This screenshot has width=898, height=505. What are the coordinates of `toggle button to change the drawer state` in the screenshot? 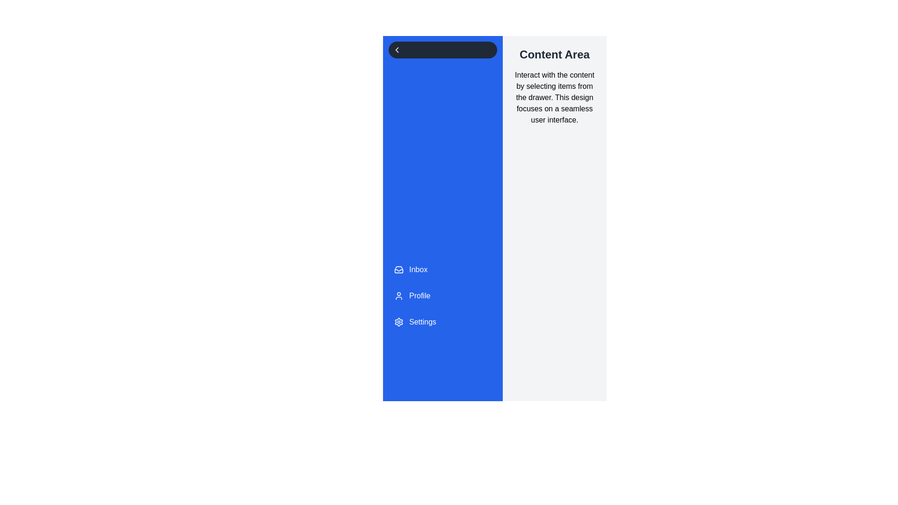 It's located at (442, 50).